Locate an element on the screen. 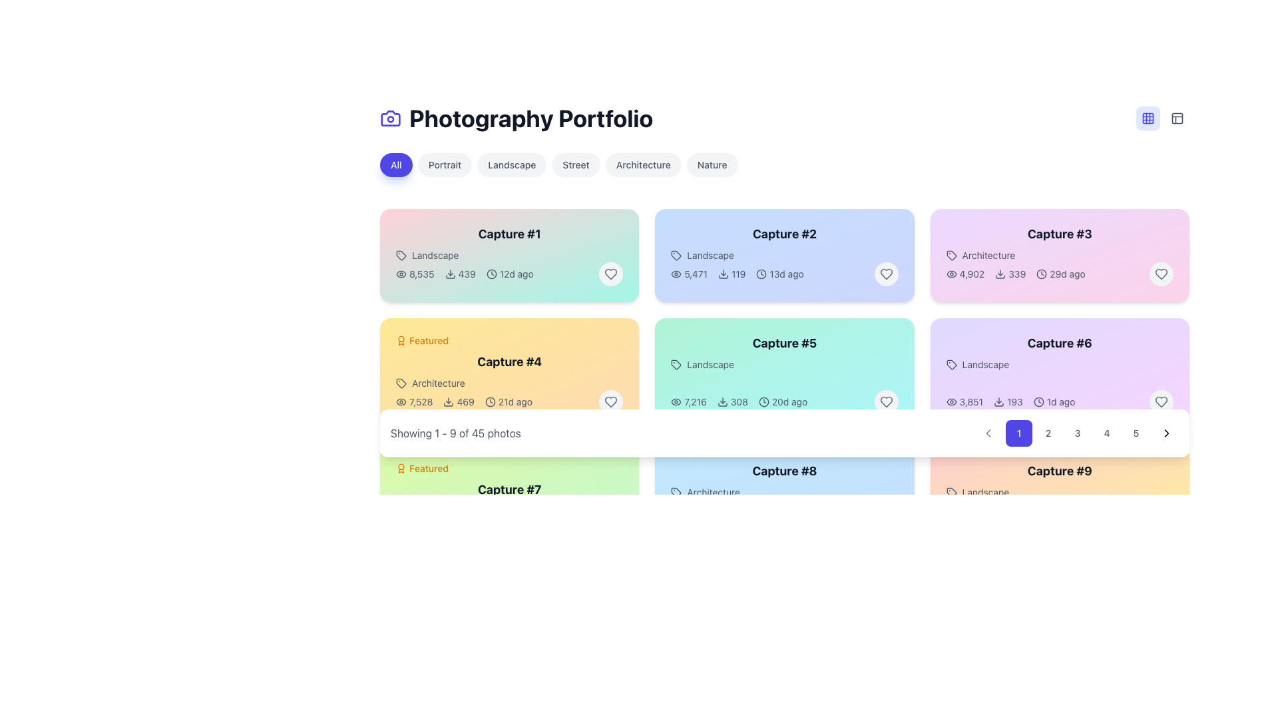  the photography portfolio card located in the top-left corner of the grid layout to observe the shadow transition effect is located at coordinates (509, 256).